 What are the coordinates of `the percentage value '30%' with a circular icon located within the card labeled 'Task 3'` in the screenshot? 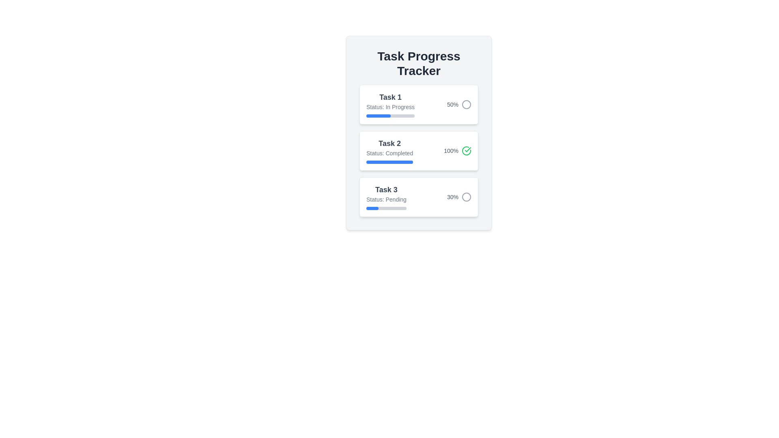 It's located at (459, 197).